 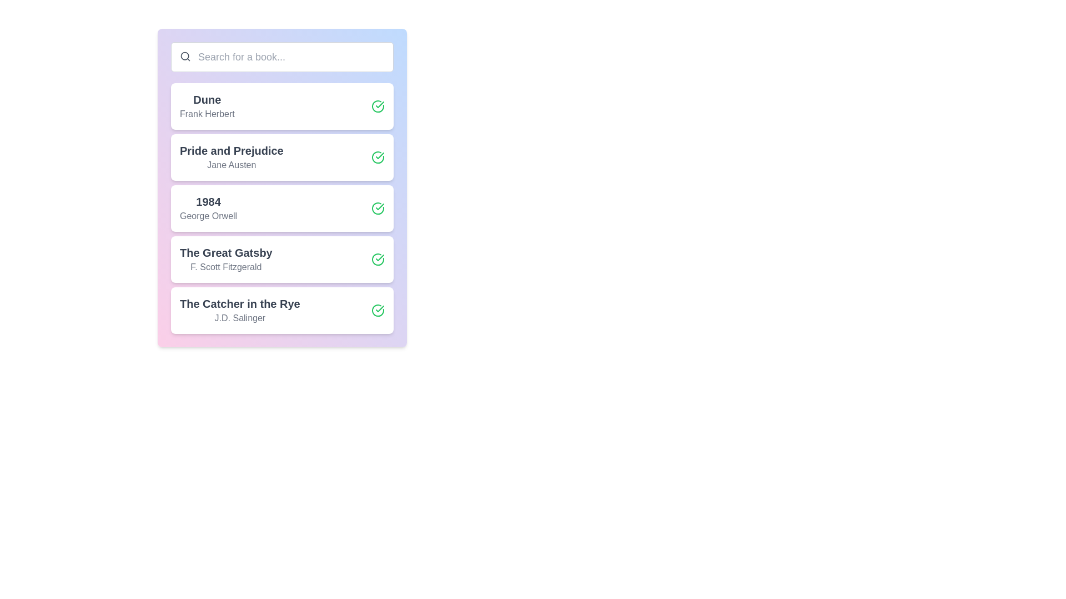 What do you see at coordinates (380, 308) in the screenshot?
I see `checked or approved state icon located on the right side of 'The Catcher in the Rye' list item entry` at bounding box center [380, 308].